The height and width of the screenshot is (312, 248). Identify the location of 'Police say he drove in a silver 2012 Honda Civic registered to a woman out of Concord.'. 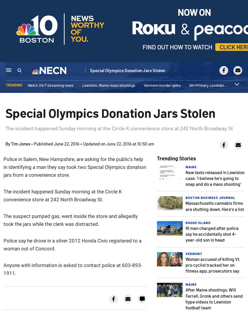
(3, 244).